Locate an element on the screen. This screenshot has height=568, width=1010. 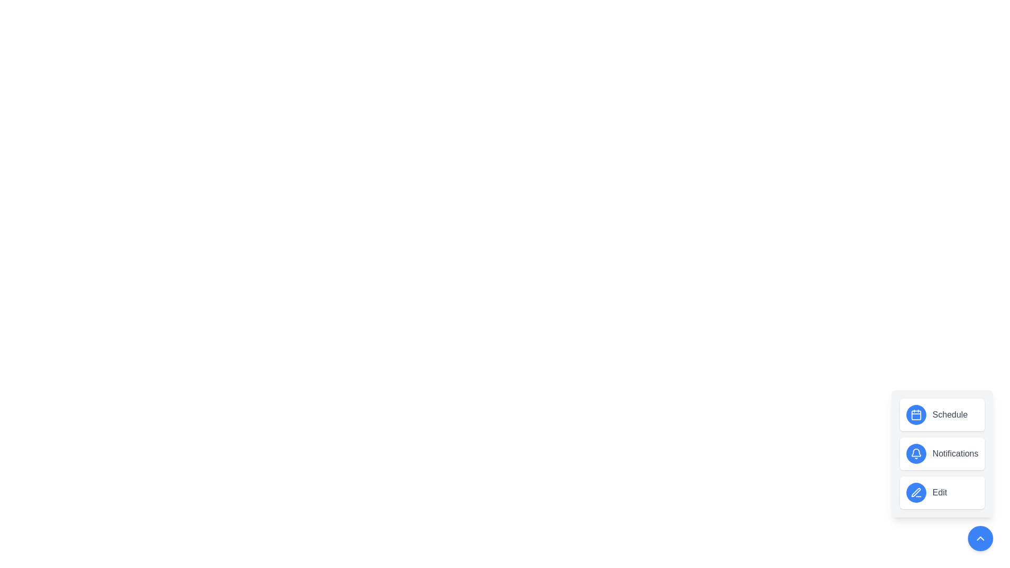
the button at the bottom-right to toggle the menu visibility is located at coordinates (979, 538).